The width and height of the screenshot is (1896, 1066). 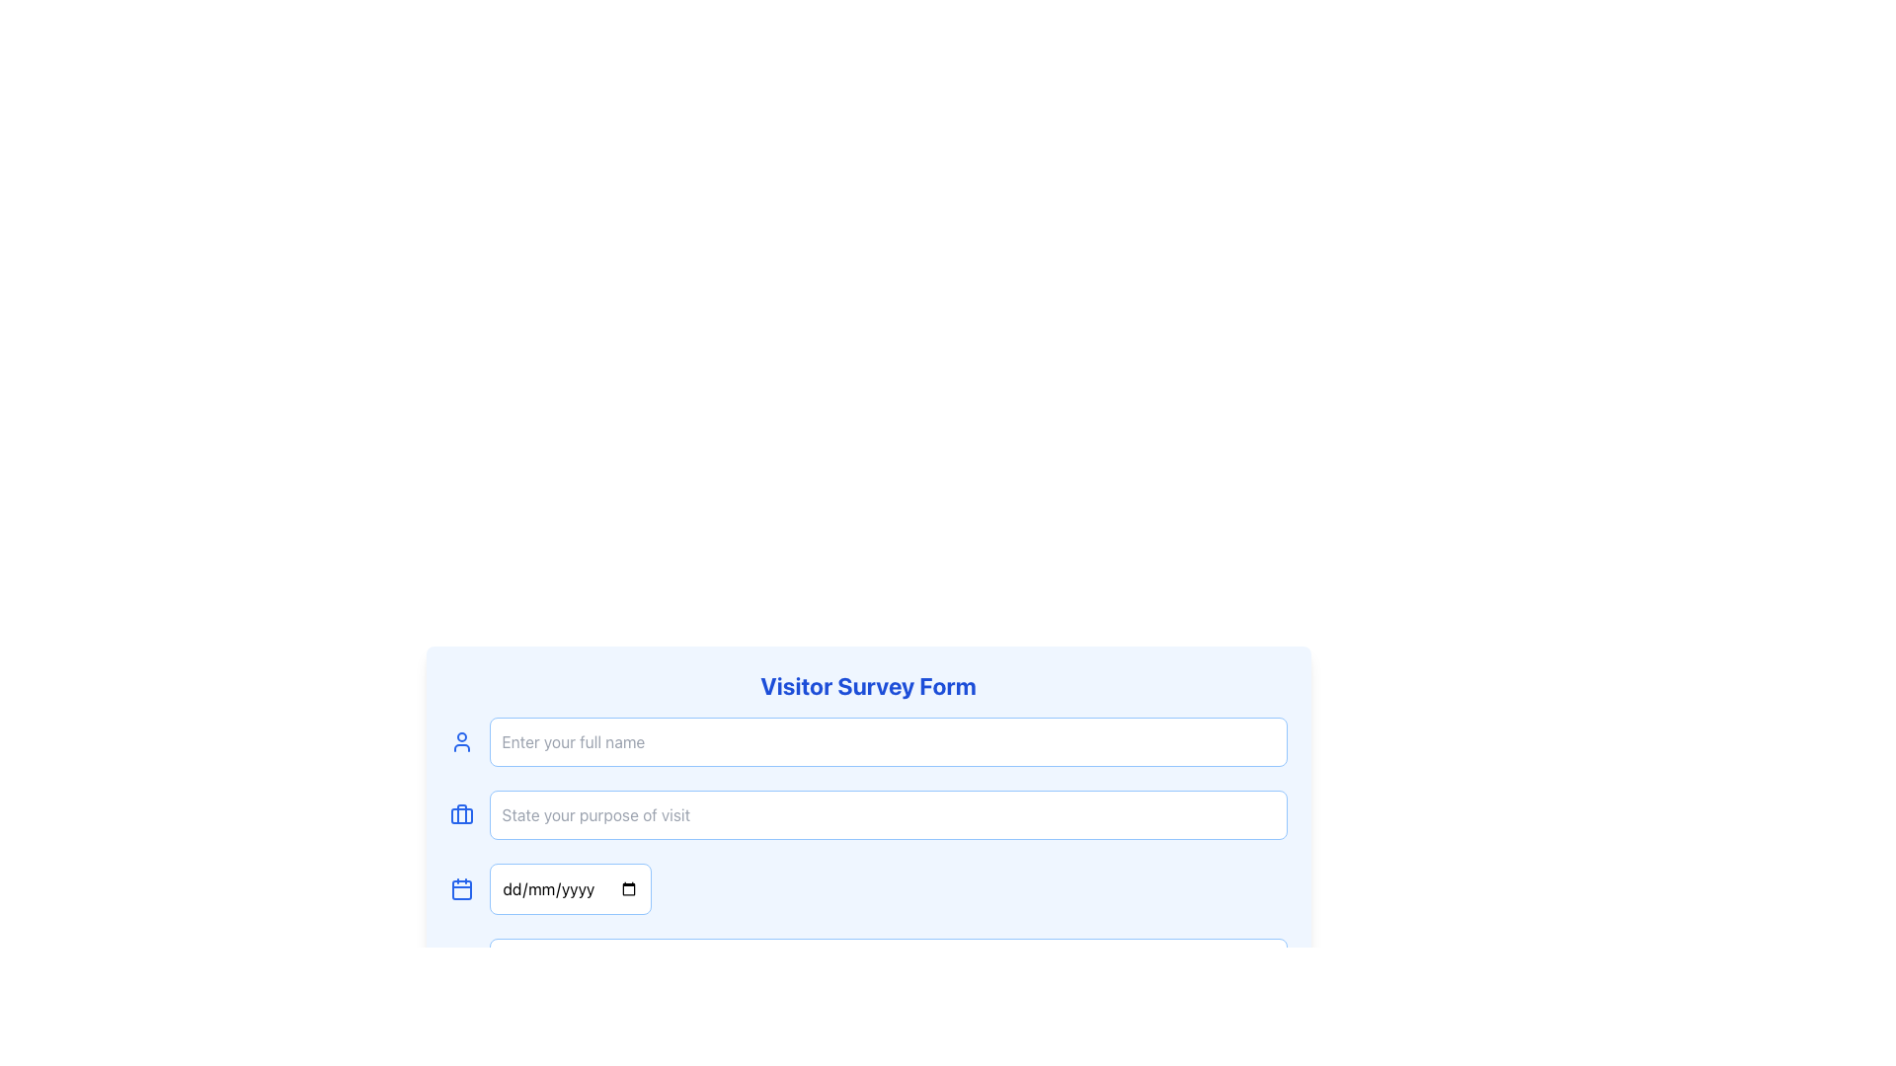 I want to click on the third visible Date input field located beneath the second input field in the lower portion of the form, so click(x=569, y=889).